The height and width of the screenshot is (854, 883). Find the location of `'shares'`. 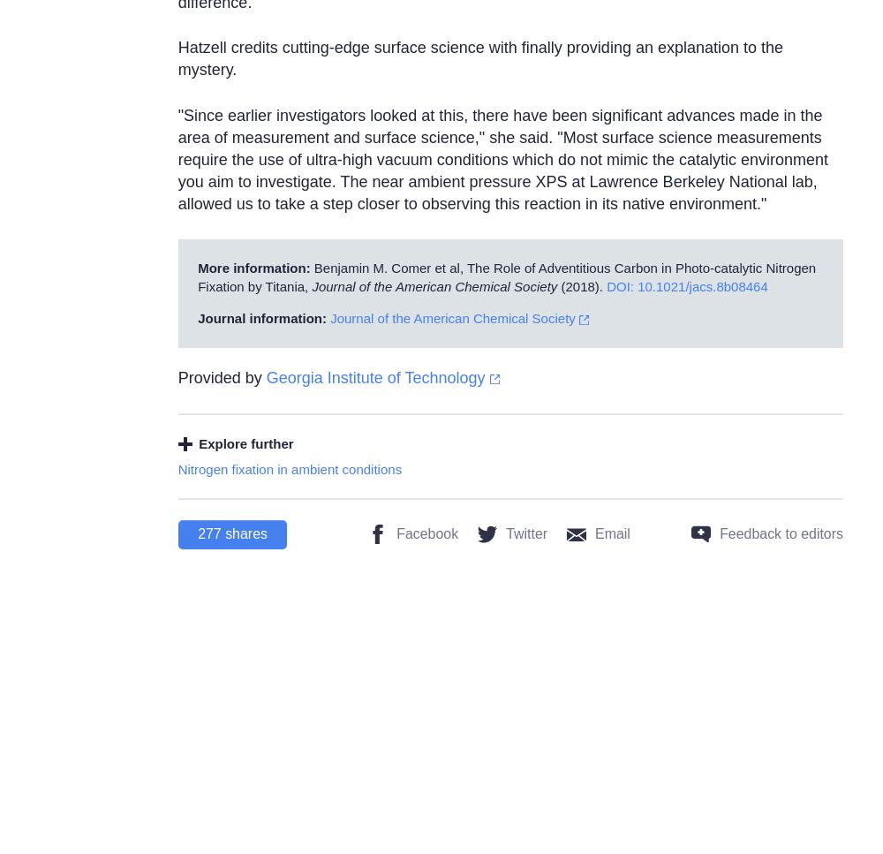

'shares' is located at coordinates (244, 533).